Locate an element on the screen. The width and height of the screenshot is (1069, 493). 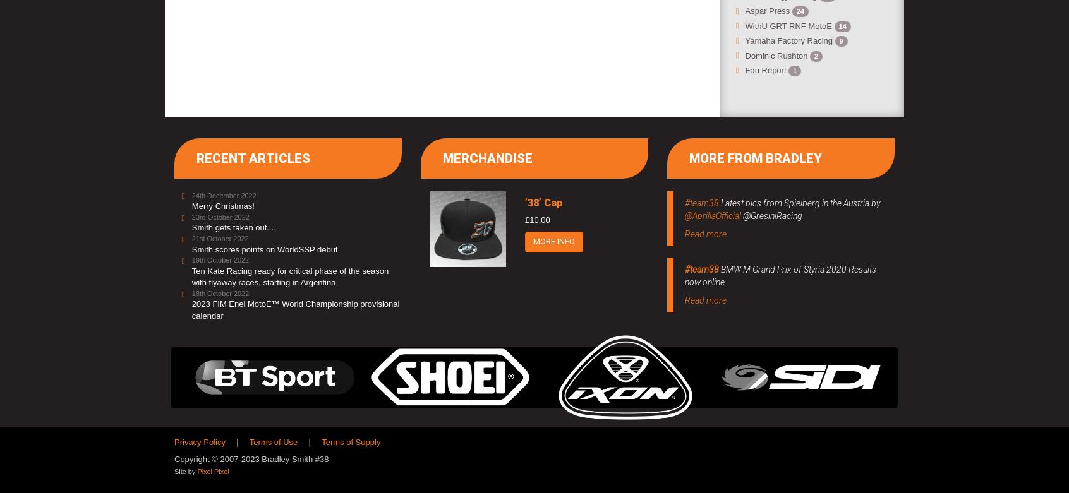
'Dominic Rushton' is located at coordinates (777, 55).